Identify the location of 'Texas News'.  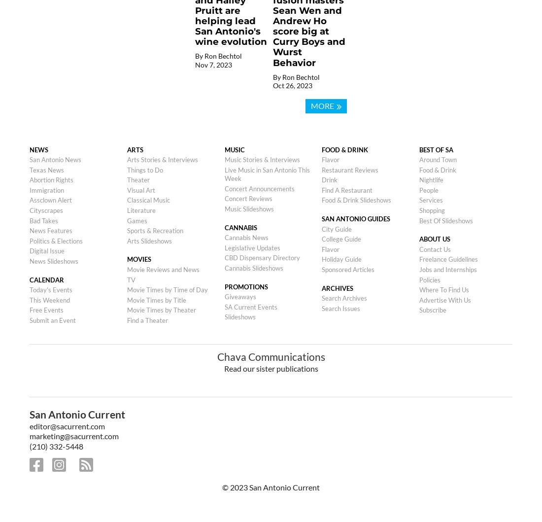
(47, 169).